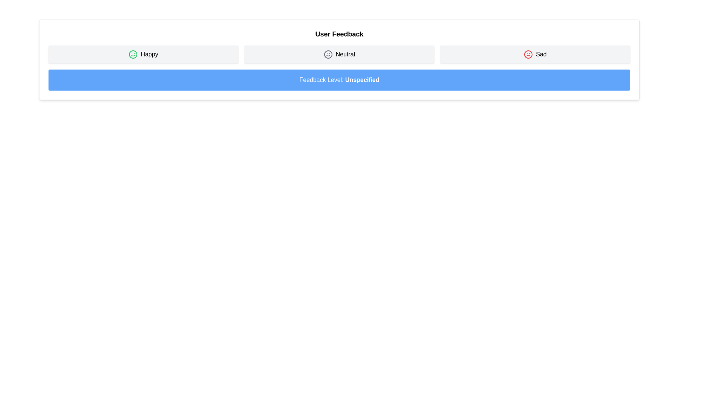 This screenshot has width=722, height=406. What do you see at coordinates (143, 54) in the screenshot?
I see `the 'Happy' button, which is a rectangular button with a green smiley icon and the label 'Happy' in bold font` at bounding box center [143, 54].